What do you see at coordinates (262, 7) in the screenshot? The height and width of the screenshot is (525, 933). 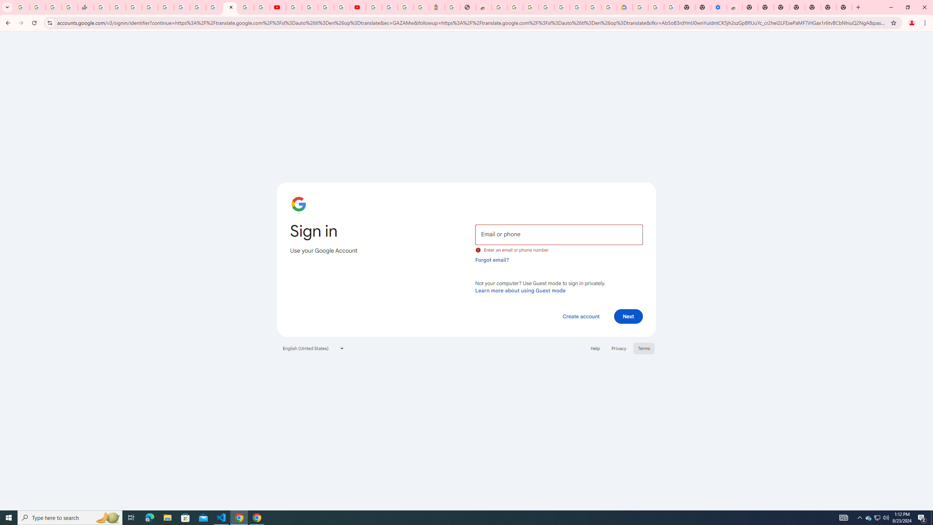 I see `'Privacy Checkup'` at bounding box center [262, 7].